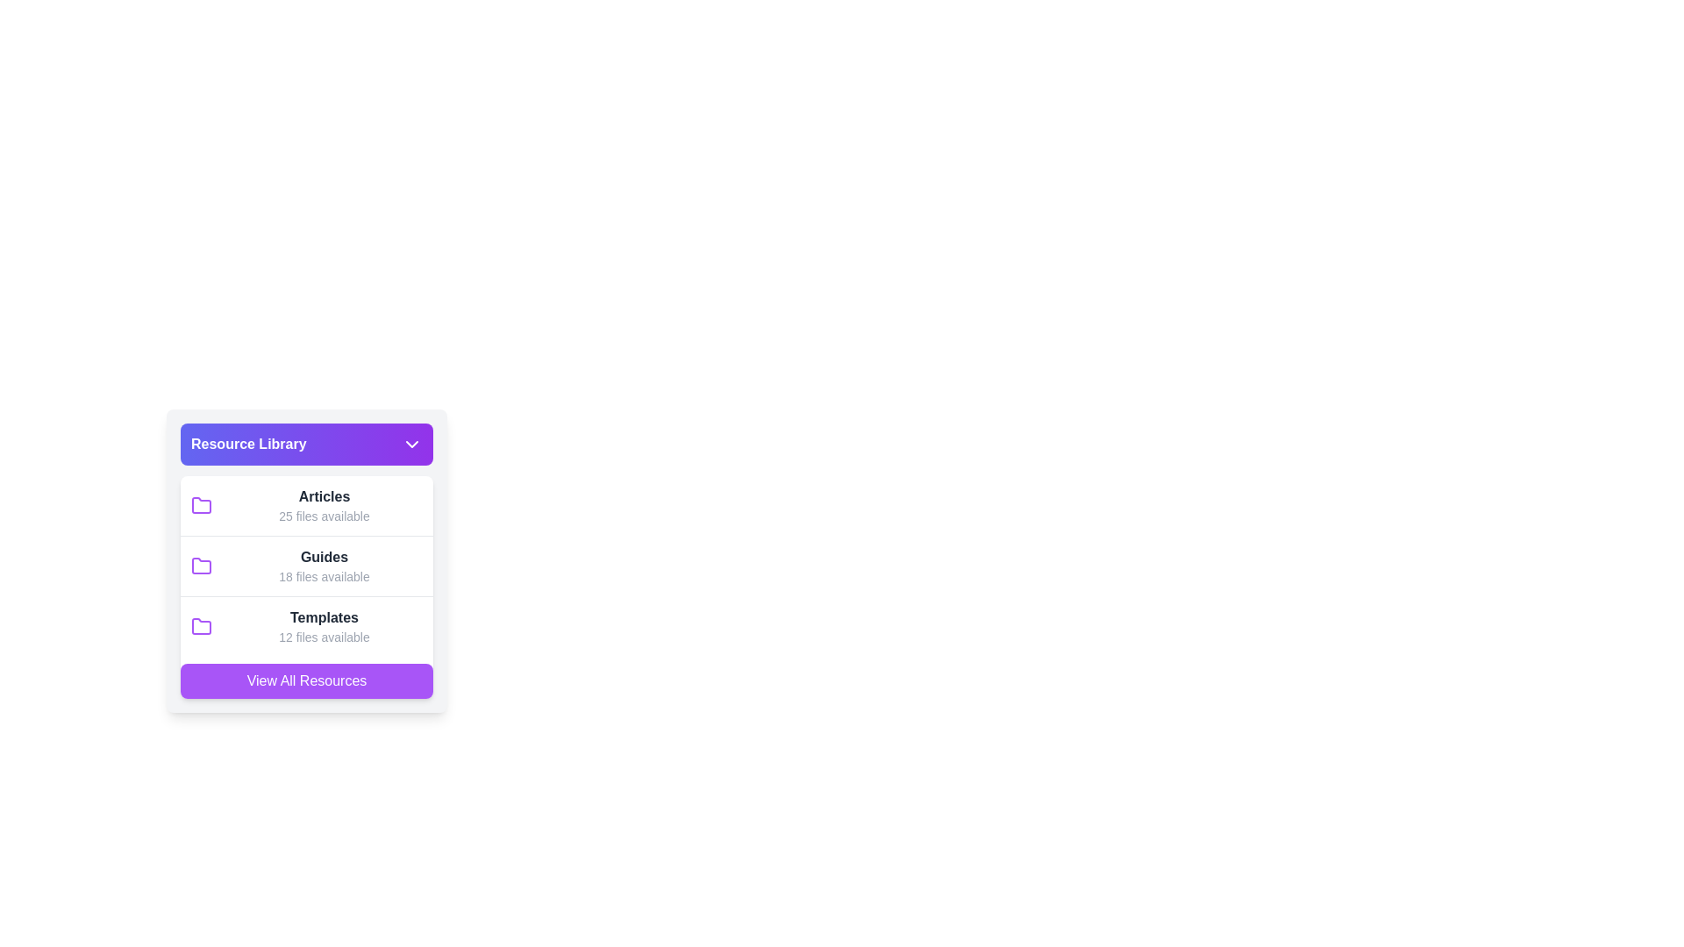  I want to click on the purple stylized folder icon located adjacent to the 'Templates' label in the 'Resource Library' dropdown menu, so click(202, 624).